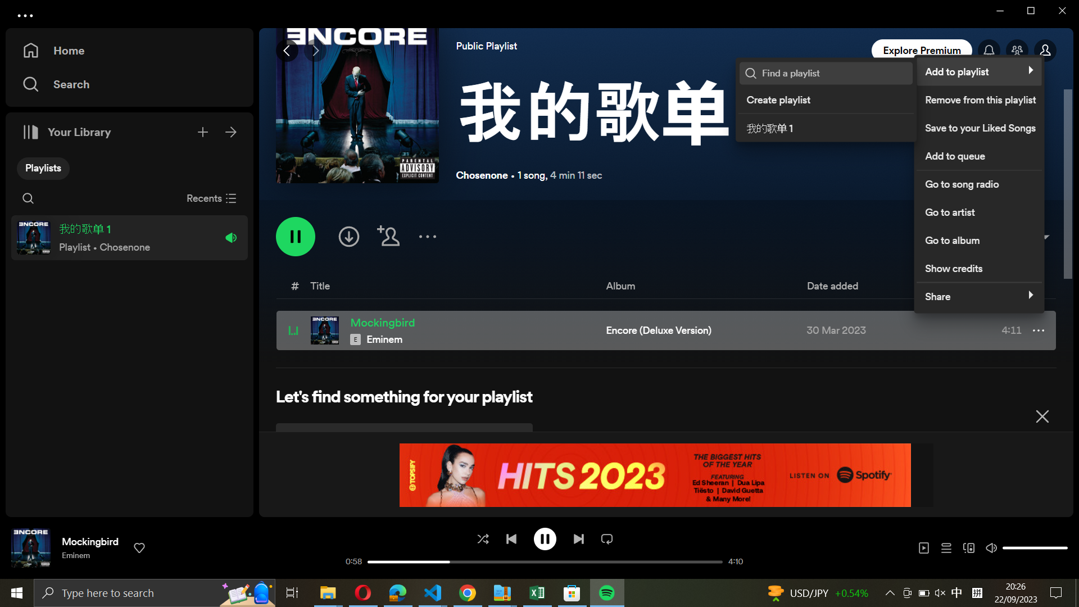 Image resolution: width=1079 pixels, height=607 pixels. I want to click on Like song, so click(139, 547).